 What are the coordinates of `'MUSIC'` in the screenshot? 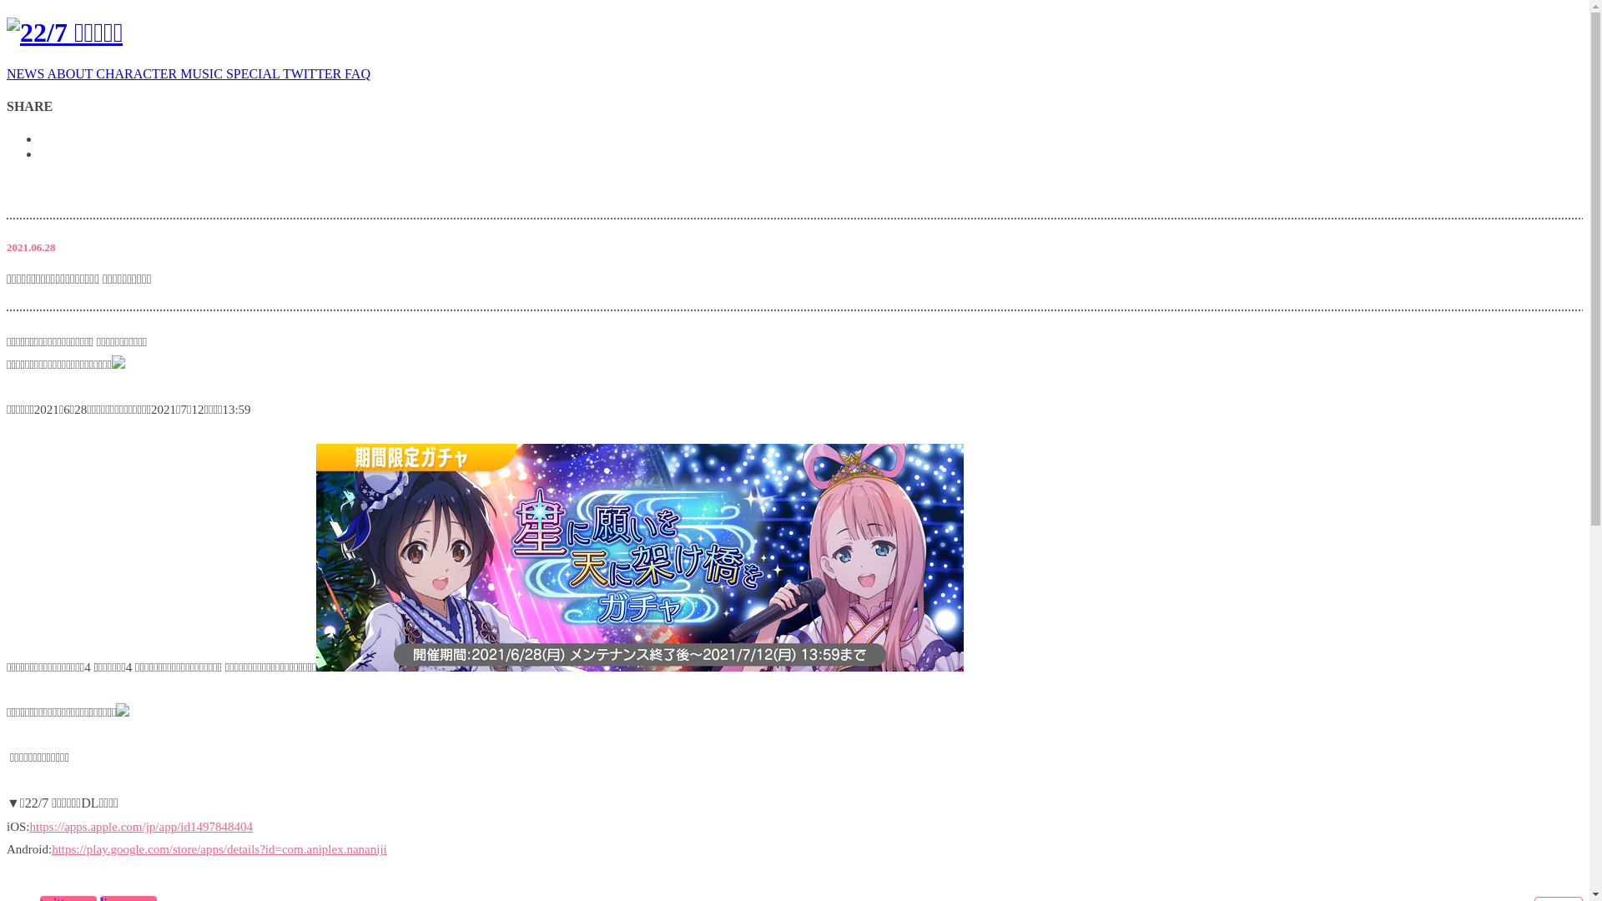 It's located at (180, 73).